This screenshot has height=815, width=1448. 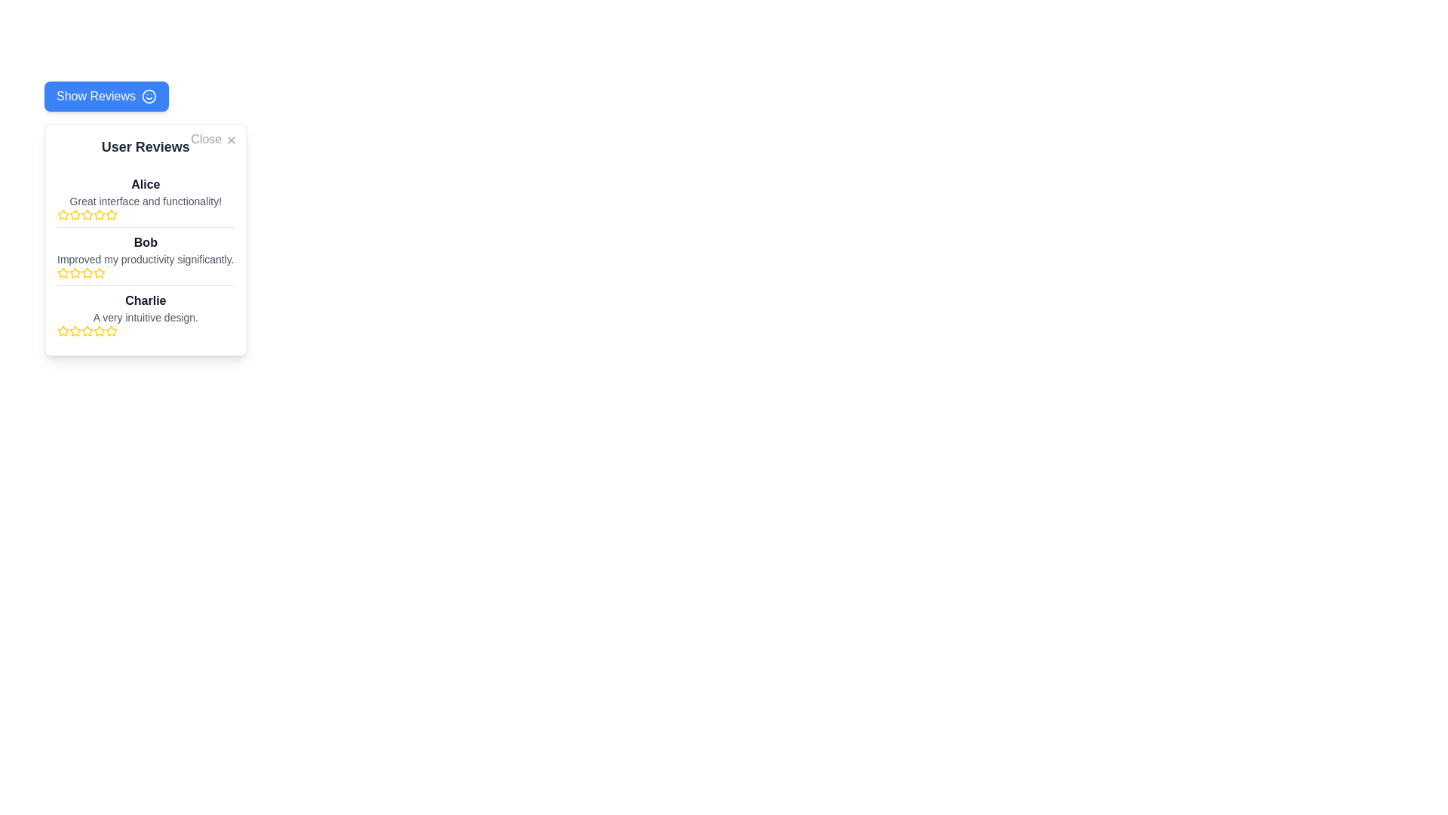 I want to click on the first star in the rating component of Alice's review, so click(x=62, y=215).